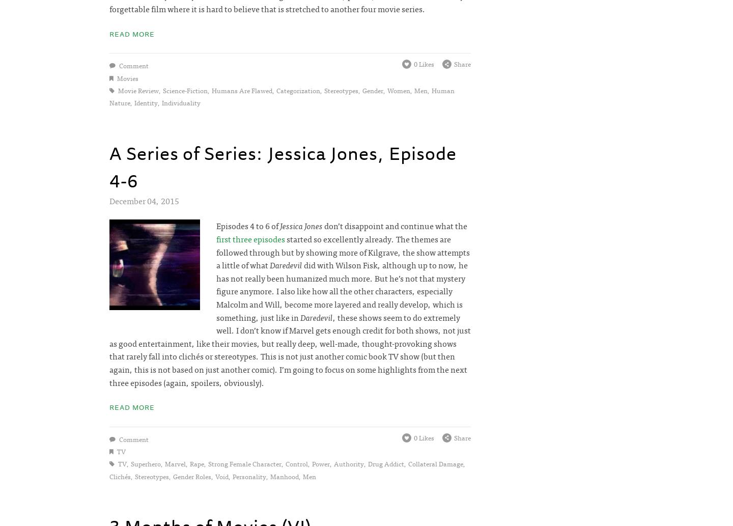 This screenshot has height=526, width=733. What do you see at coordinates (322, 225) in the screenshot?
I see `'don’t disappoint and continue what the'` at bounding box center [322, 225].